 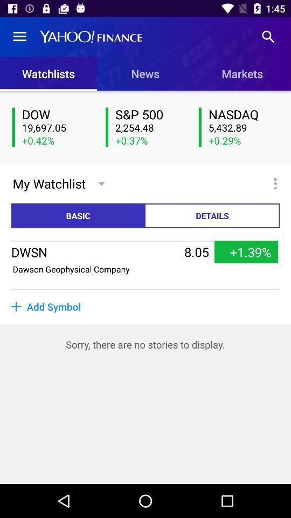 What do you see at coordinates (71, 268) in the screenshot?
I see `the item below the dwsn item` at bounding box center [71, 268].